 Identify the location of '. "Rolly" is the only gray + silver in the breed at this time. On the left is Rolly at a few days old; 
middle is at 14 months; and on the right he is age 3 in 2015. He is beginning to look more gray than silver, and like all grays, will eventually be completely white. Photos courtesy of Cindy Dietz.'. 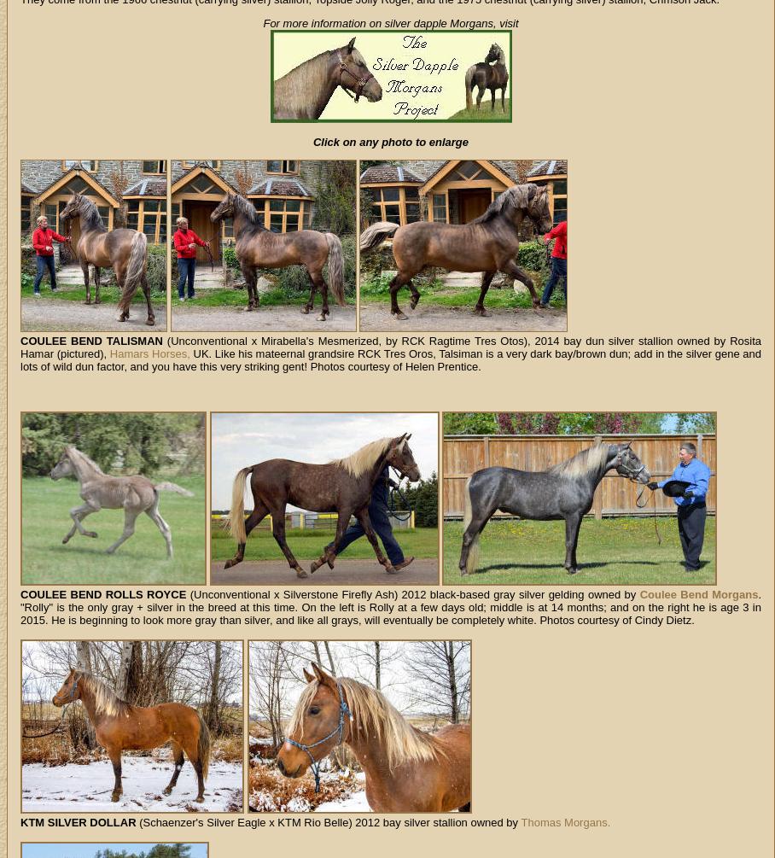
(389, 607).